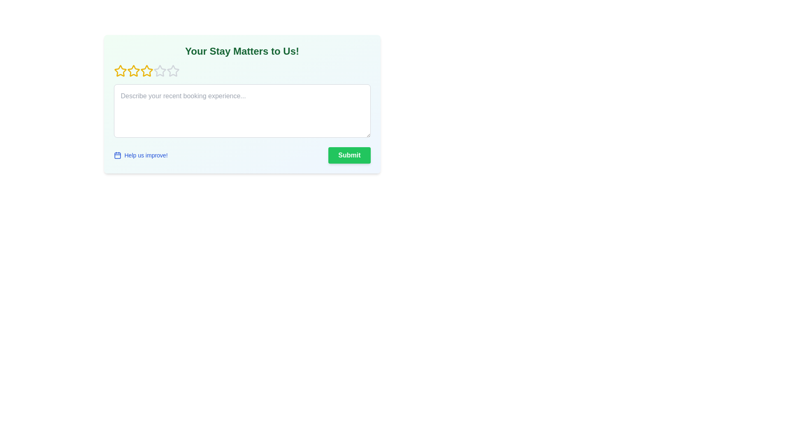 The width and height of the screenshot is (790, 444). Describe the element at coordinates (172, 71) in the screenshot. I see `the rating to 5 stars by clicking the corresponding star icon` at that location.